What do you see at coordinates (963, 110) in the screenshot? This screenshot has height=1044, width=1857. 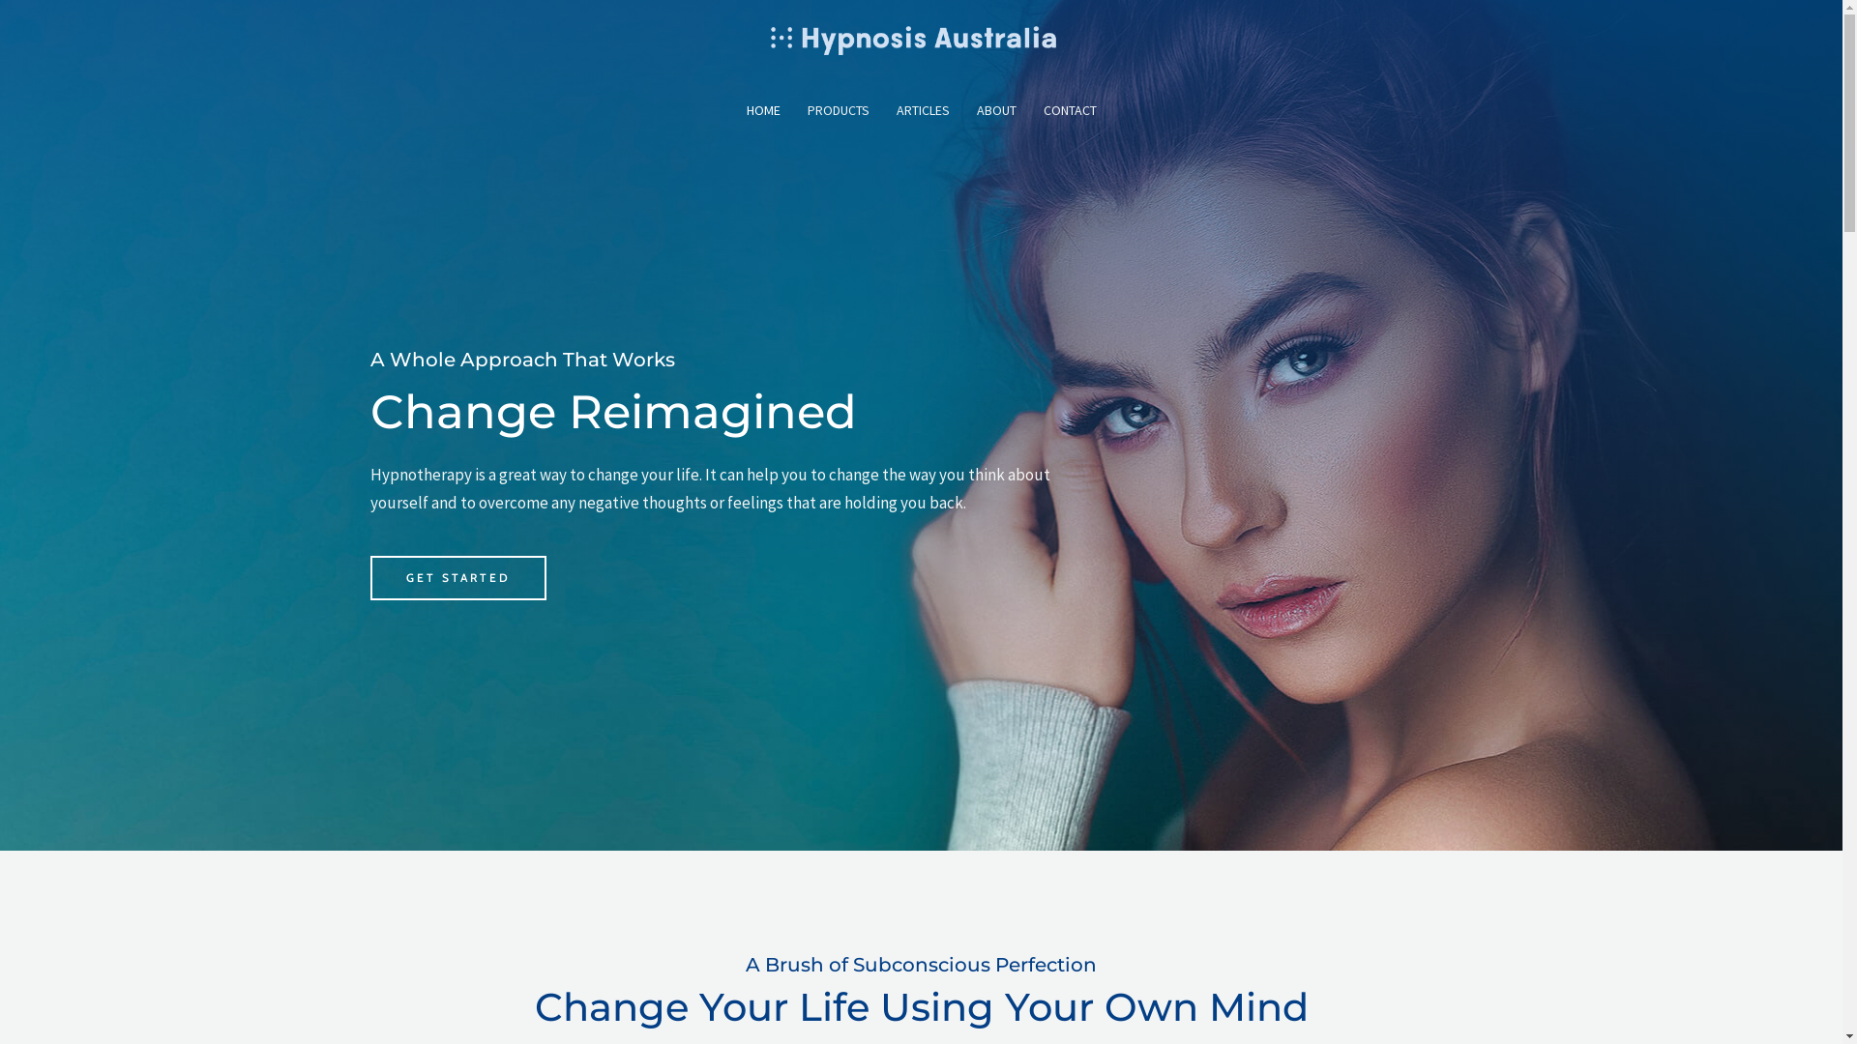 I see `'ABOUT'` at bounding box center [963, 110].